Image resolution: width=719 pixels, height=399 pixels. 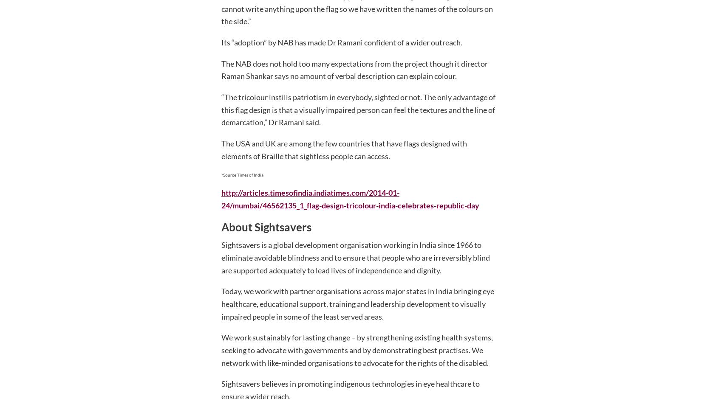 I want to click on 'Its “adoption” by NAB has made Dr Ramani confident of a wider outreach.', so click(x=341, y=42).